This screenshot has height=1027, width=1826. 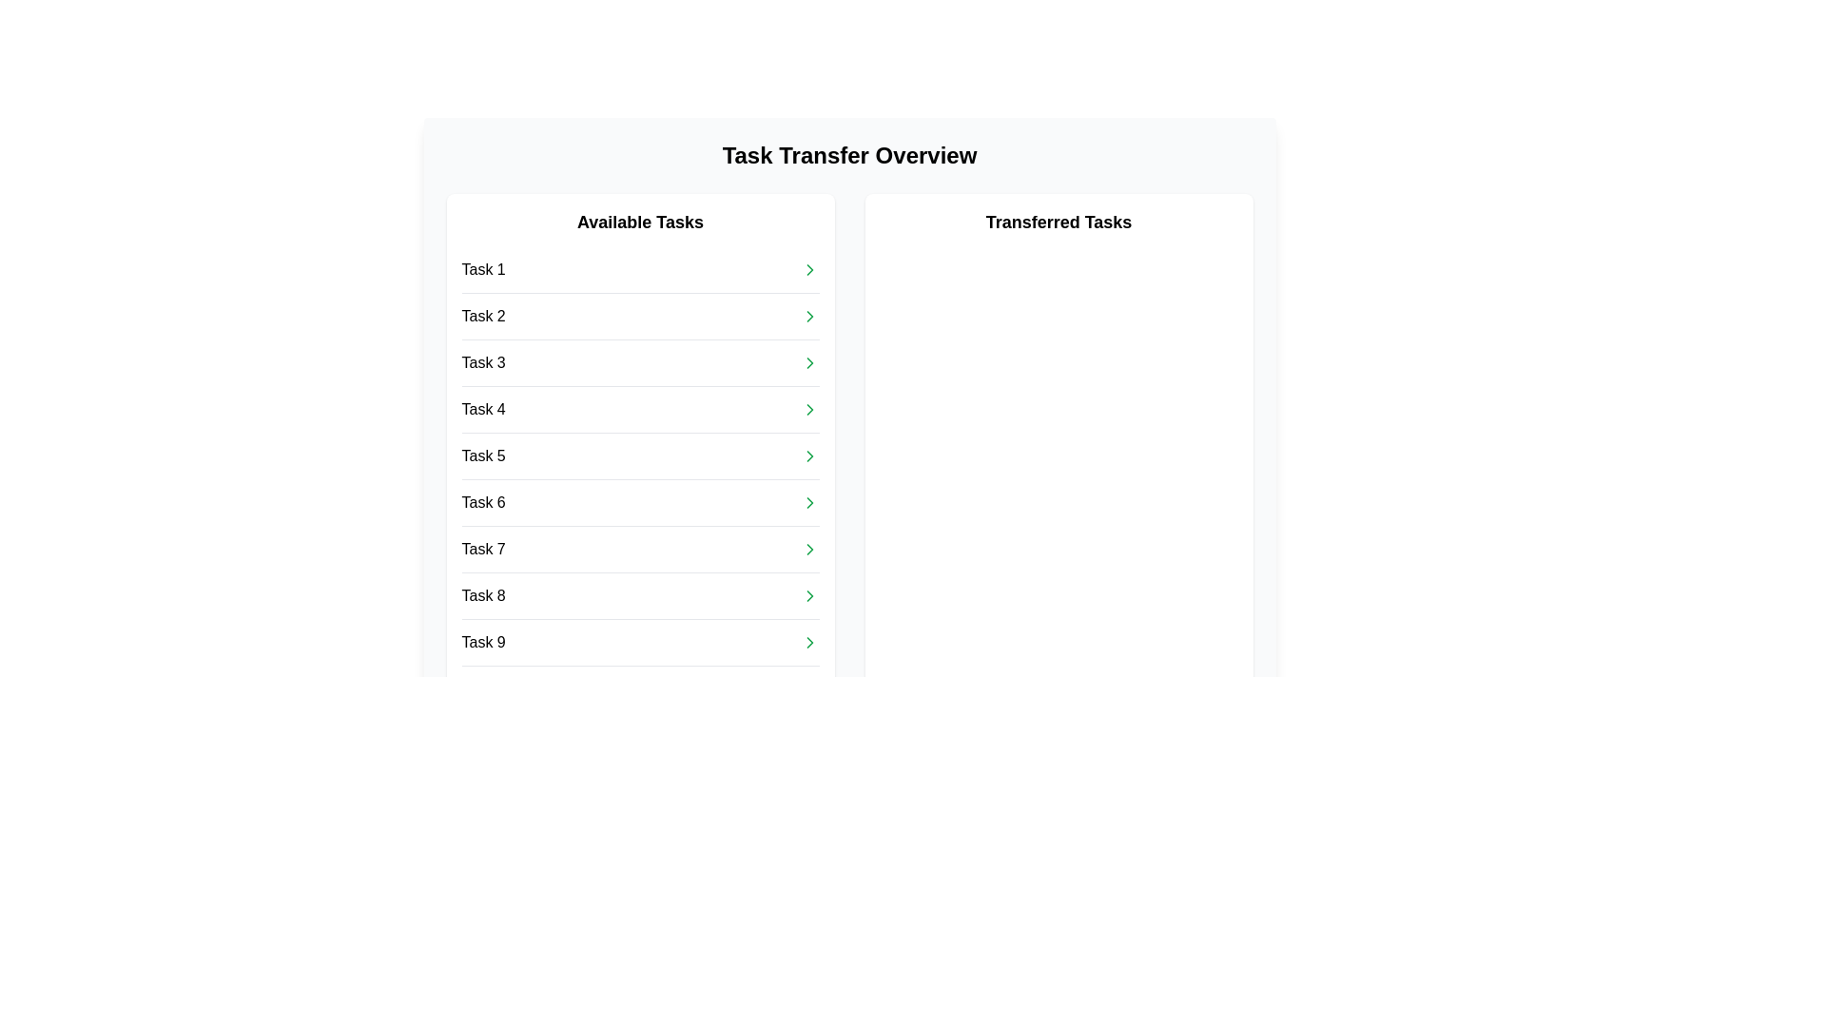 What do you see at coordinates (483, 362) in the screenshot?
I see `the 'Task 3' text label located in the 'Available Tasks' column of the 'Task Transfer Overview' interface` at bounding box center [483, 362].